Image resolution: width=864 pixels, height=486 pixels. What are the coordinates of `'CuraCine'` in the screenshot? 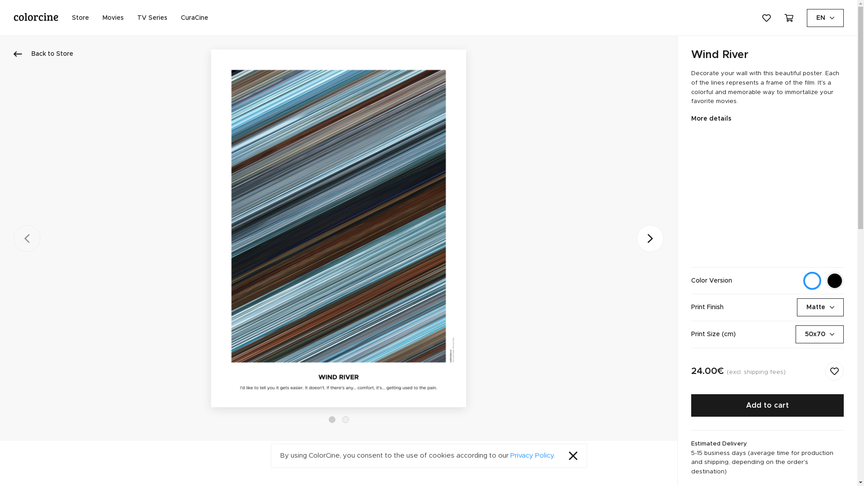 It's located at (194, 17).